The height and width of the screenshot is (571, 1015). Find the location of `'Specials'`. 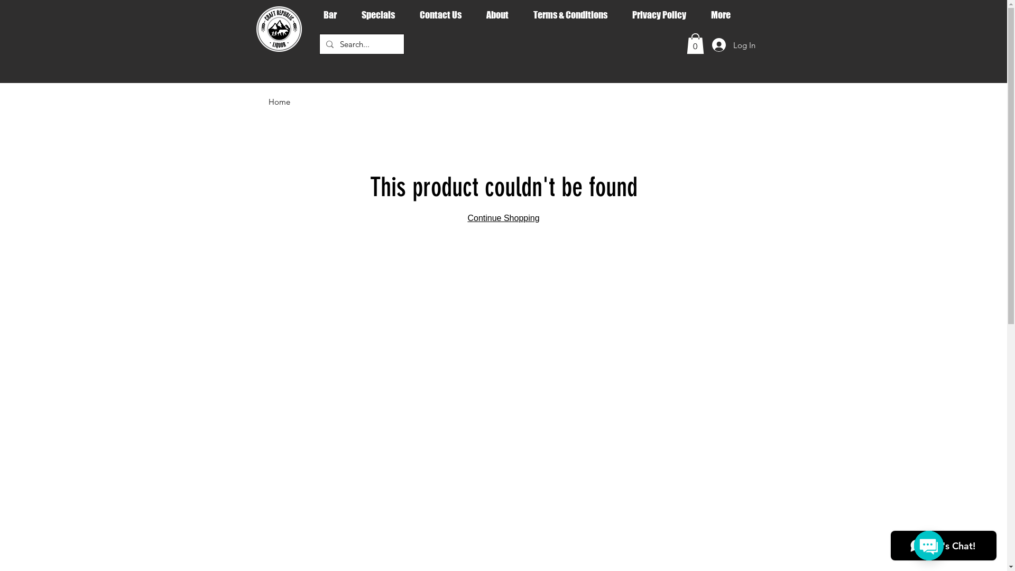

'Specials' is located at coordinates (382, 15).